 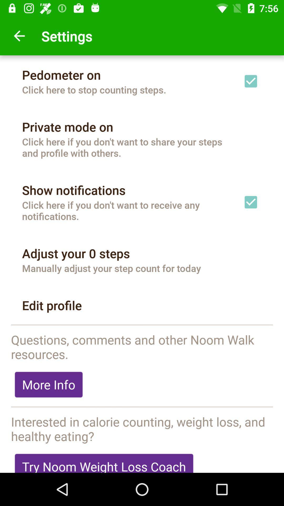 What do you see at coordinates (19, 36) in the screenshot?
I see `icon above pedometer on icon` at bounding box center [19, 36].